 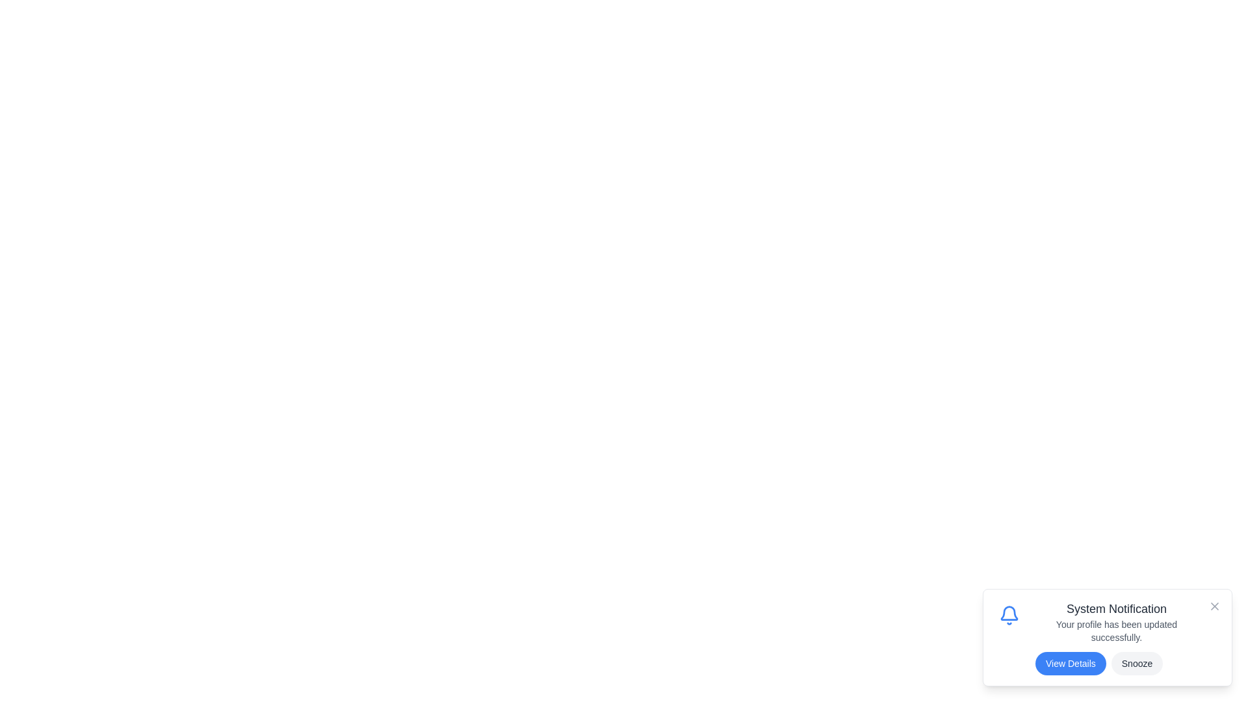 I want to click on the button located in the bottom-right corner of the 'System Notification' box to change its background color, so click(x=1071, y=664).